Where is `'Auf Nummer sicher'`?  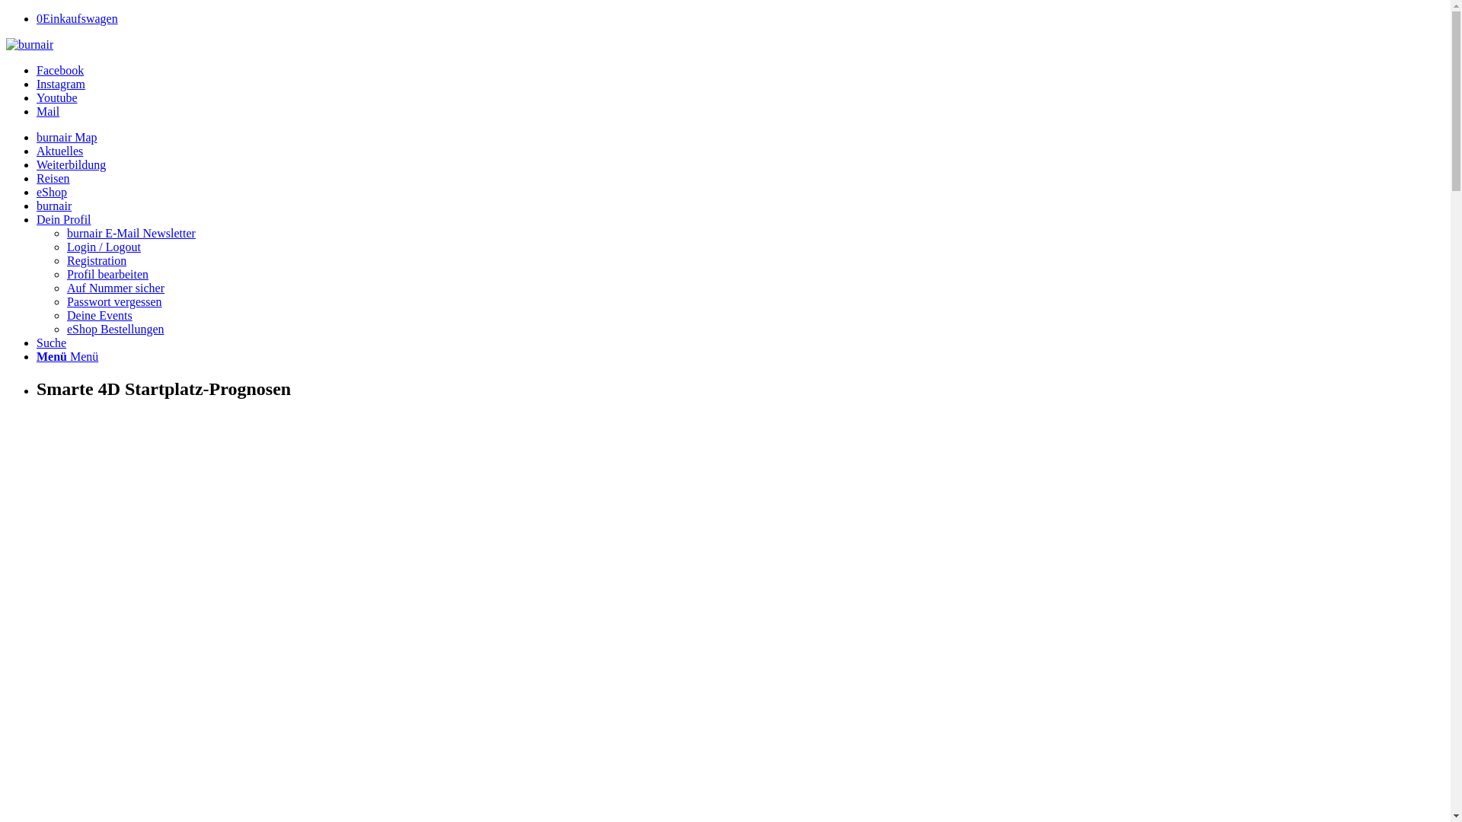 'Auf Nummer sicher' is located at coordinates (115, 288).